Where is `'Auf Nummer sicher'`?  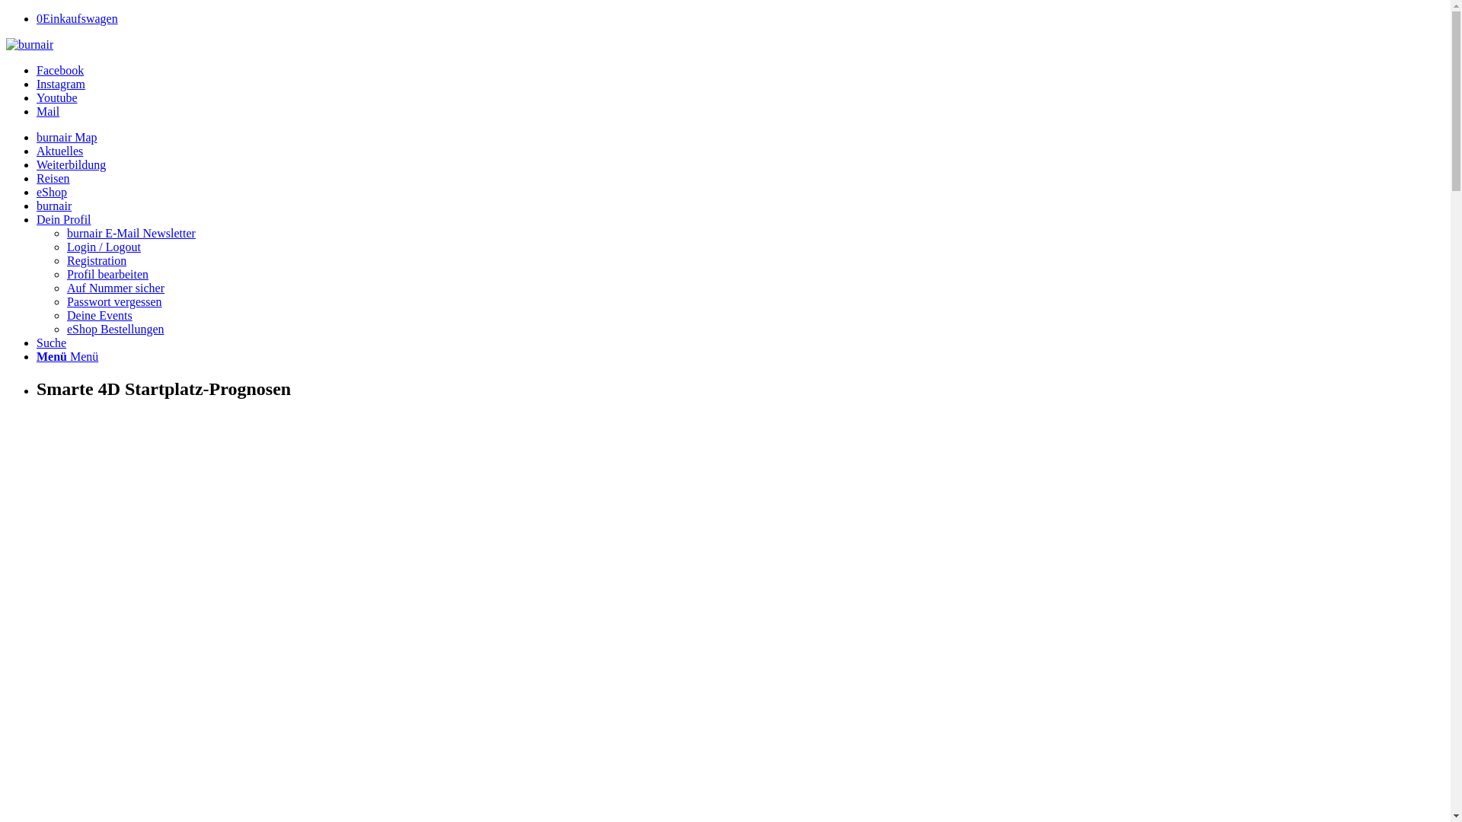 'Auf Nummer sicher' is located at coordinates (115, 288).